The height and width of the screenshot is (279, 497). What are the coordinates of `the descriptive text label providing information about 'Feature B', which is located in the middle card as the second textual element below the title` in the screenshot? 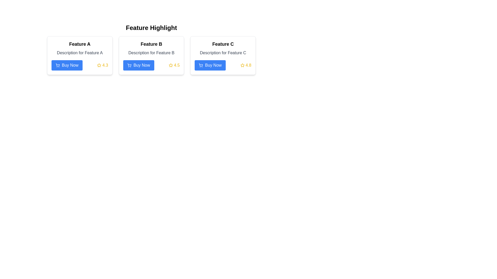 It's located at (151, 53).